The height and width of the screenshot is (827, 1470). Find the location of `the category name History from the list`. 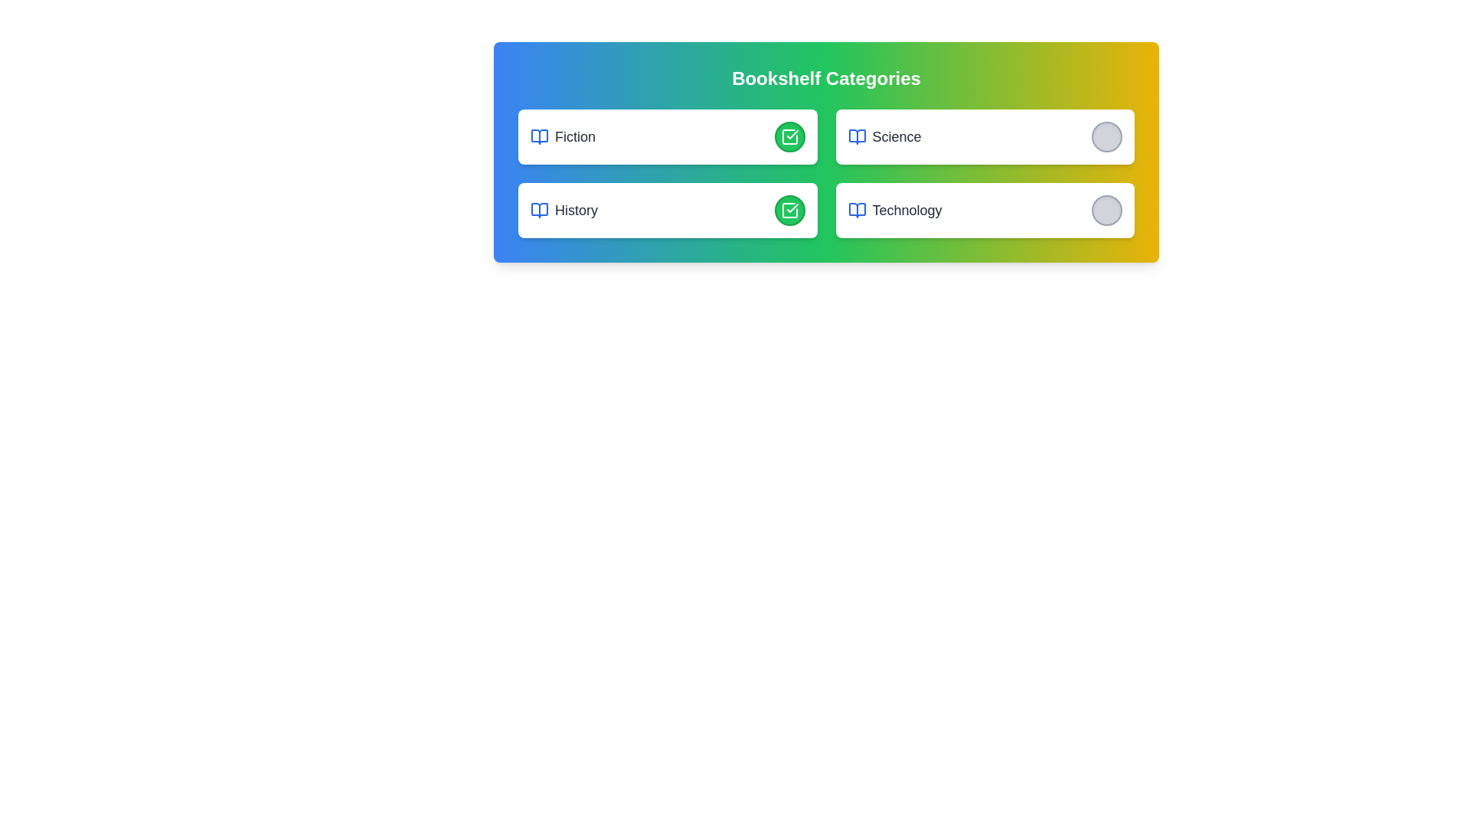

the category name History from the list is located at coordinates (561, 210).